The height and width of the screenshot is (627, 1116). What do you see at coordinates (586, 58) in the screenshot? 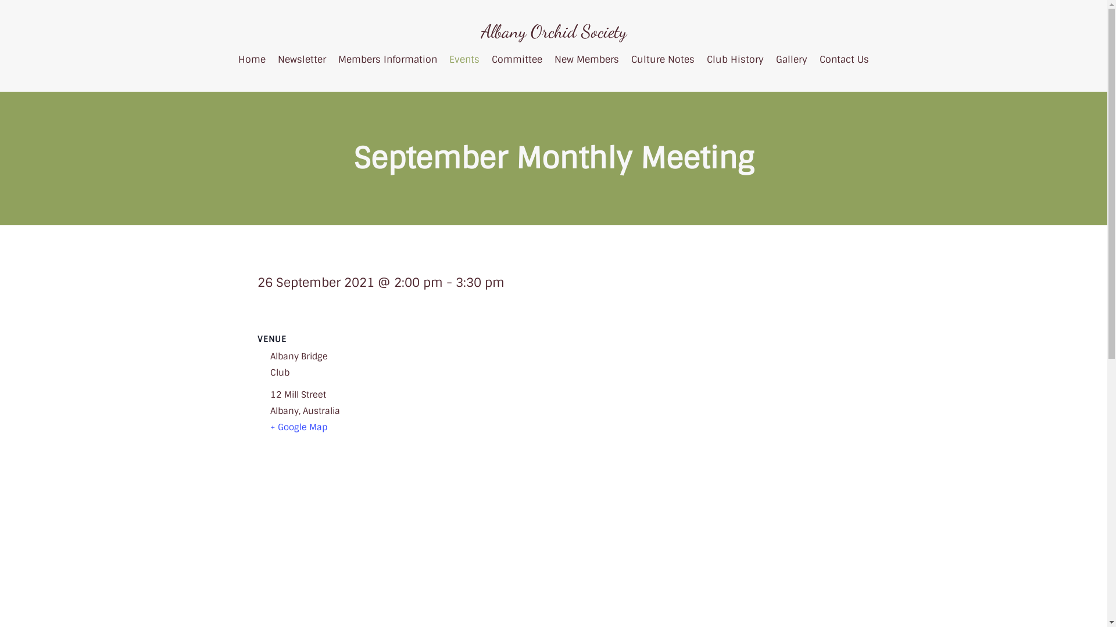
I see `'New Members'` at bounding box center [586, 58].